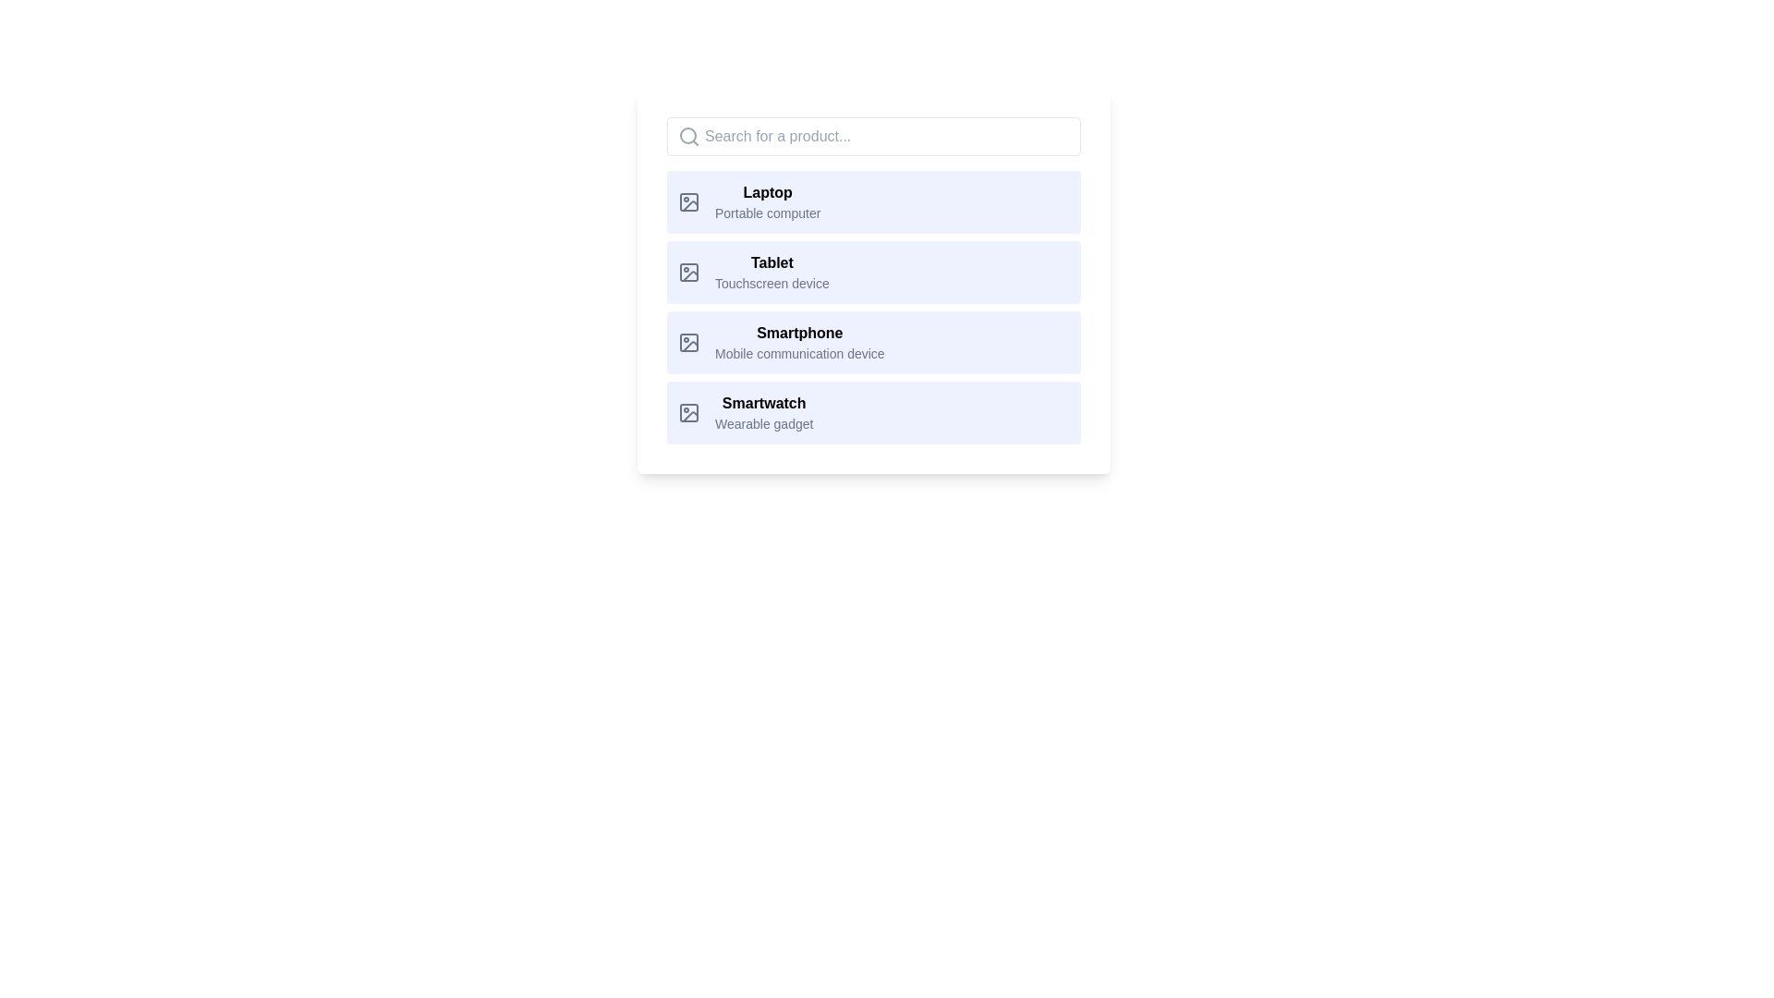 This screenshot has width=1774, height=998. What do you see at coordinates (687, 272) in the screenshot?
I see `the graphical icon represented by a small square with rounded corners, styled in a light gray shade, located to the left of the 'Tablet' text in the 'Tablet Touchscreen device' row` at bounding box center [687, 272].